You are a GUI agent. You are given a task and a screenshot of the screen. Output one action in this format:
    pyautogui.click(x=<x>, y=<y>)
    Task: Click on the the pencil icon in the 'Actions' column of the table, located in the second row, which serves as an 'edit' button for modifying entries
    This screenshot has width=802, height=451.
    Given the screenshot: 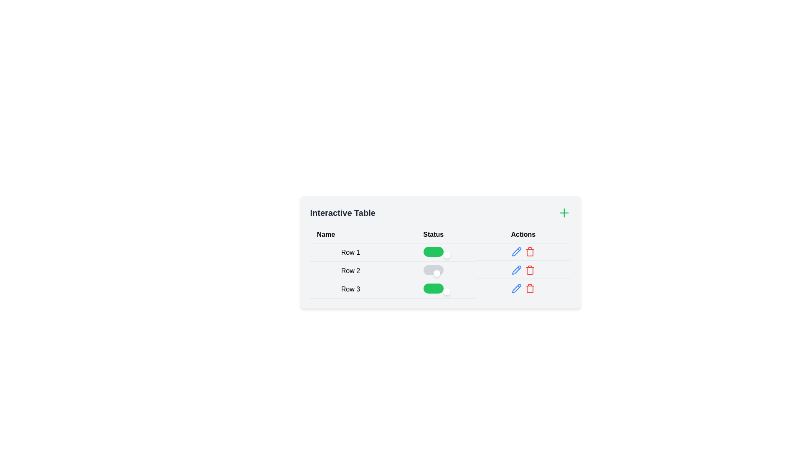 What is the action you would take?
    pyautogui.click(x=516, y=251)
    